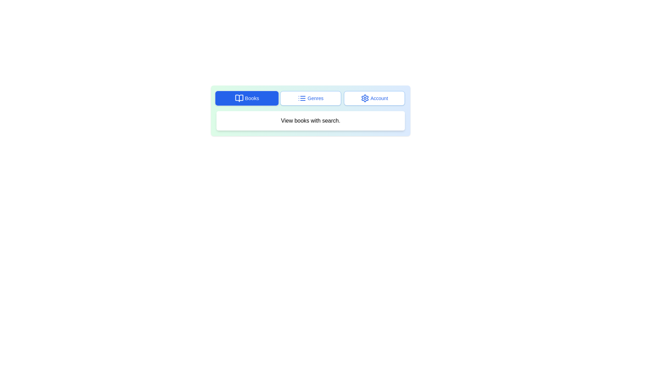 The image size is (665, 374). Describe the element at coordinates (315, 98) in the screenshot. I see `the genre selection button, which is the second button among three horizontally aligned buttons at the center of the interface, located to the right of the 'Books' button and to the left of the 'Account' button` at that location.